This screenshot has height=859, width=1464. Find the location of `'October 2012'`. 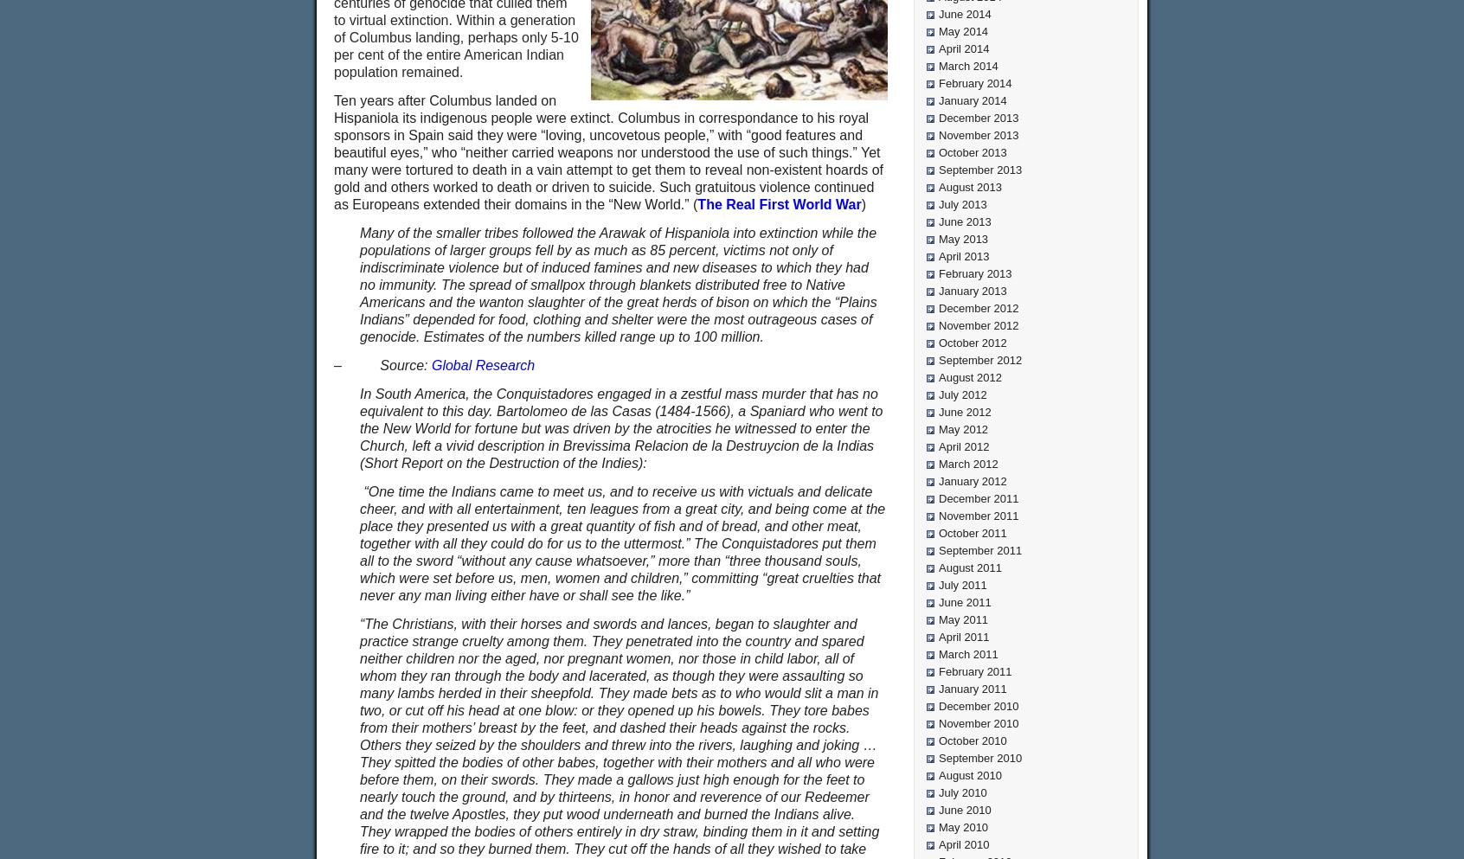

'October 2012' is located at coordinates (972, 342).